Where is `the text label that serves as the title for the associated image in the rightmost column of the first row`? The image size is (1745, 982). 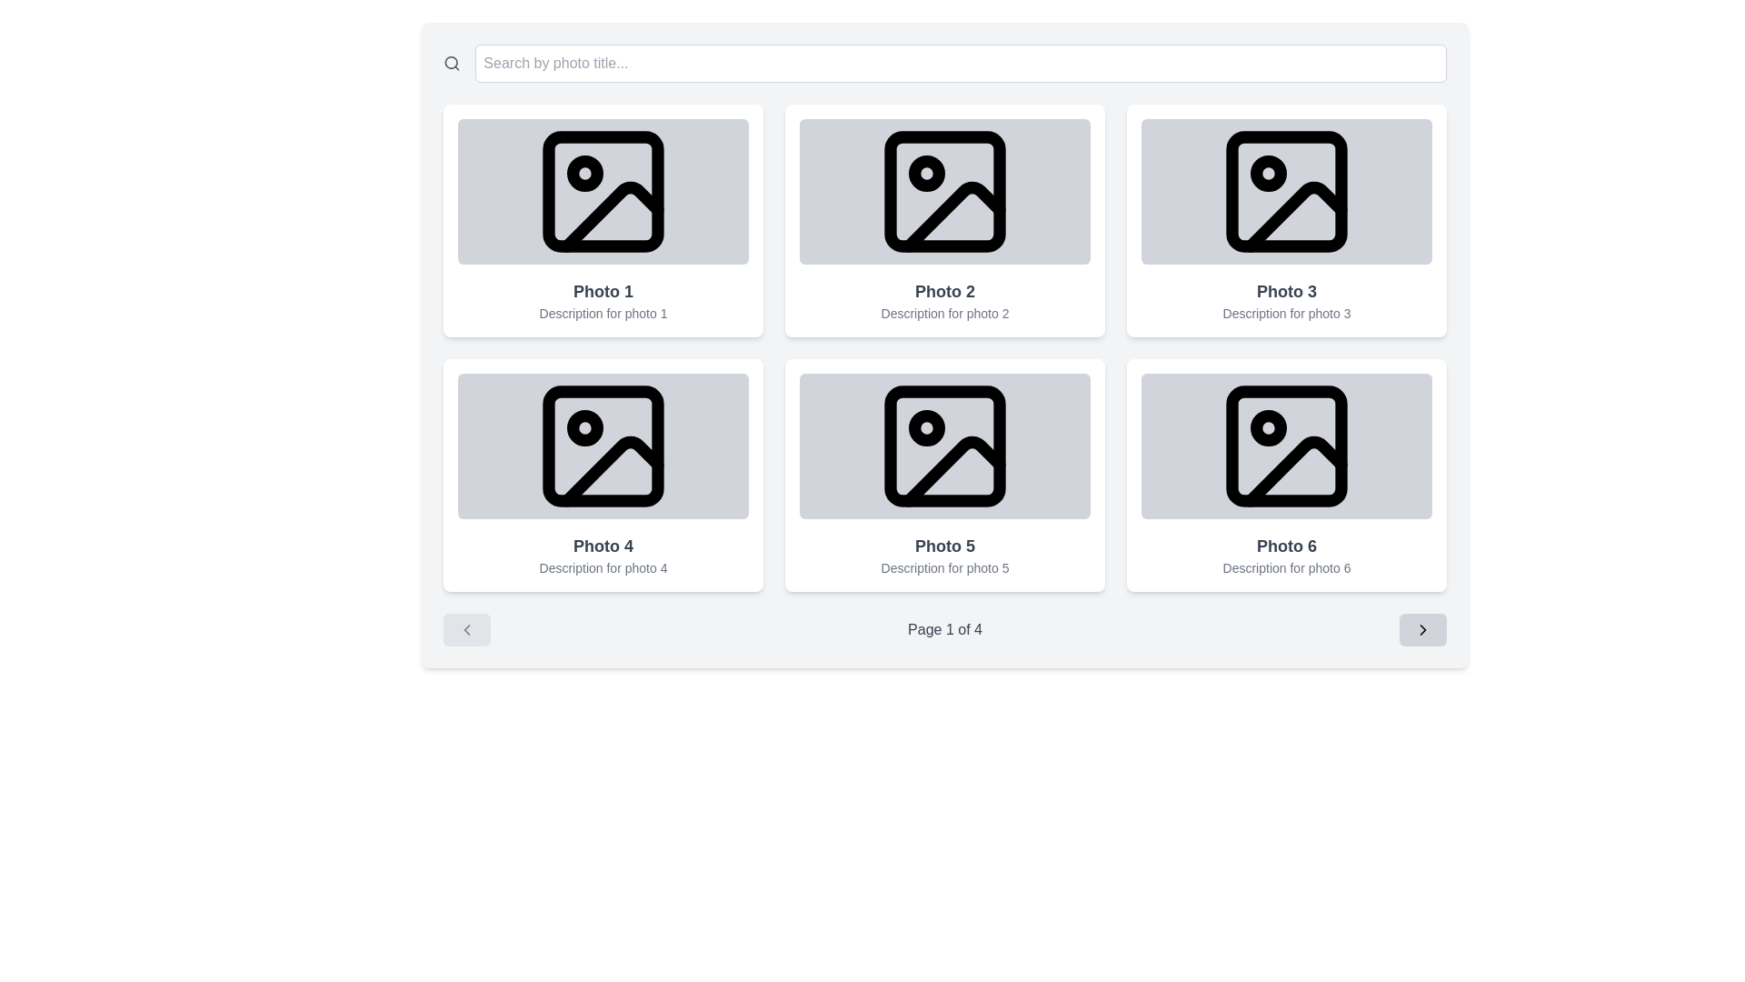
the text label that serves as the title for the associated image in the rightmost column of the first row is located at coordinates (1286, 290).